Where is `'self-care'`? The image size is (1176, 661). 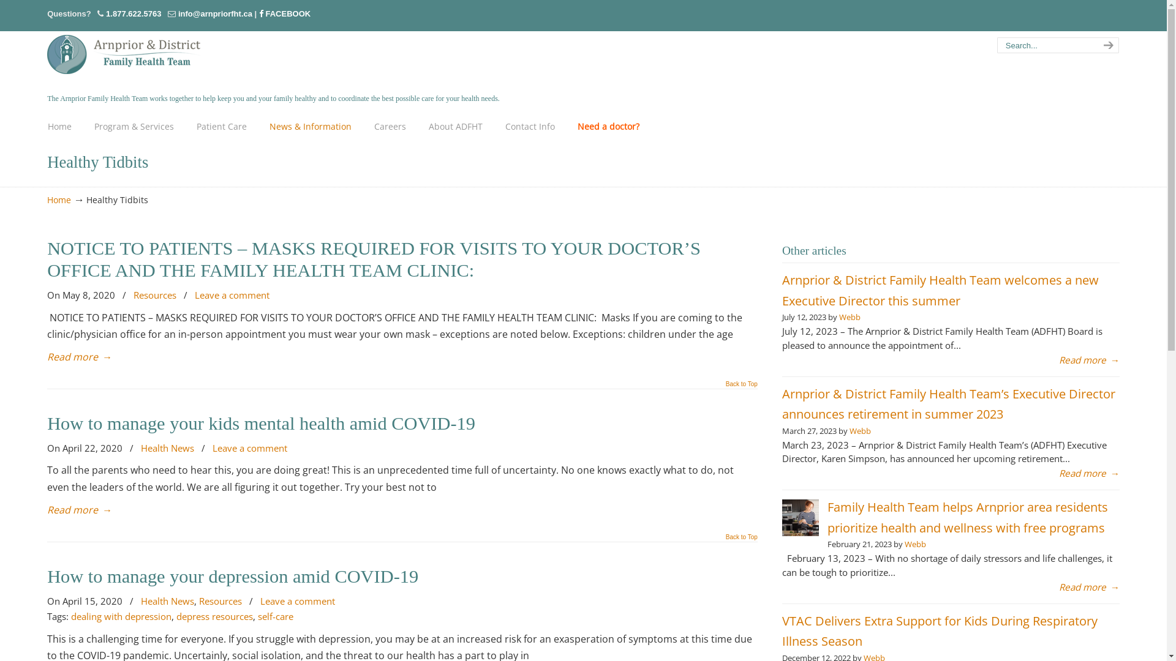
'self-care' is located at coordinates (257, 616).